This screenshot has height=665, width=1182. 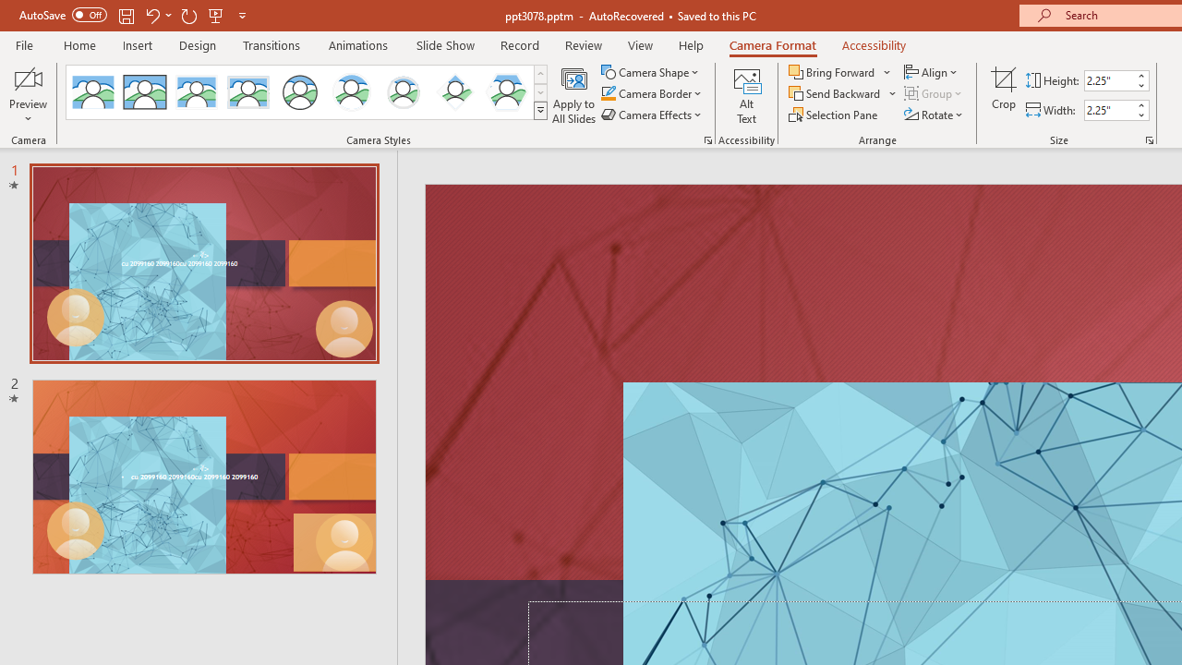 I want to click on 'Selection Pane...', so click(x=834, y=115).